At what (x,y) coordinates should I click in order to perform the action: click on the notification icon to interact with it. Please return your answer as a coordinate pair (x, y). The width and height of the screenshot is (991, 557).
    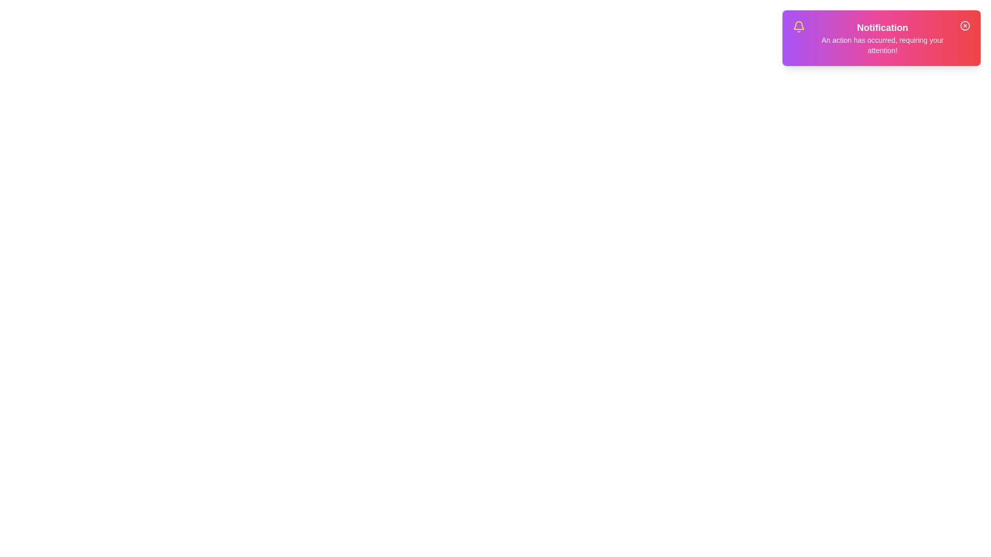
    Looking at the image, I should click on (798, 26).